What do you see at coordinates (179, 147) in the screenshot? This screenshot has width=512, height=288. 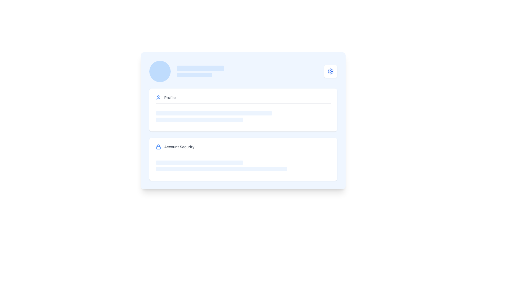 I see `the label indicating account security, which is part of a horizontal grouping with a lock icon to its left, located in the second section below 'Profile'` at bounding box center [179, 147].